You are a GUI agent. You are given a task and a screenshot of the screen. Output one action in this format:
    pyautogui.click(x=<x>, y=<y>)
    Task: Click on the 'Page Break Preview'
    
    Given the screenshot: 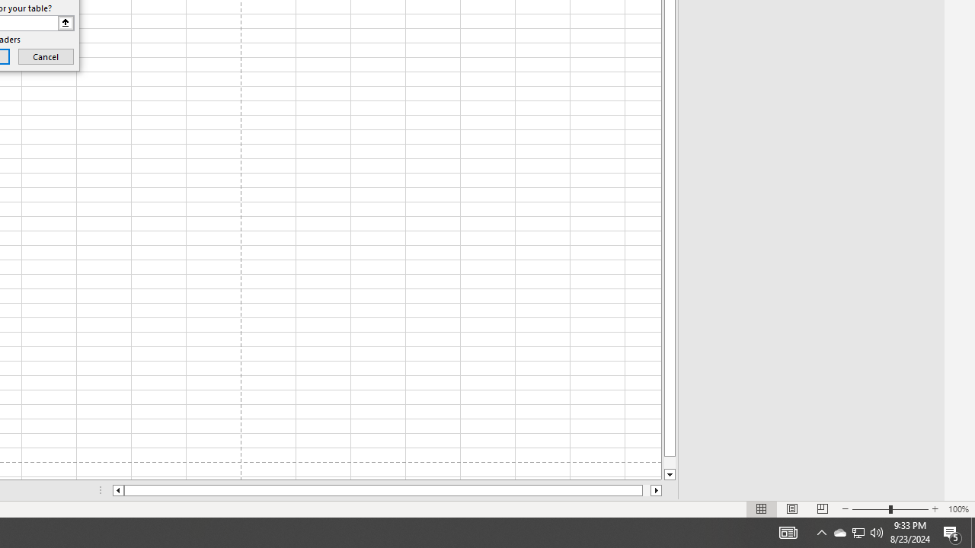 What is the action you would take?
    pyautogui.click(x=821, y=509)
    